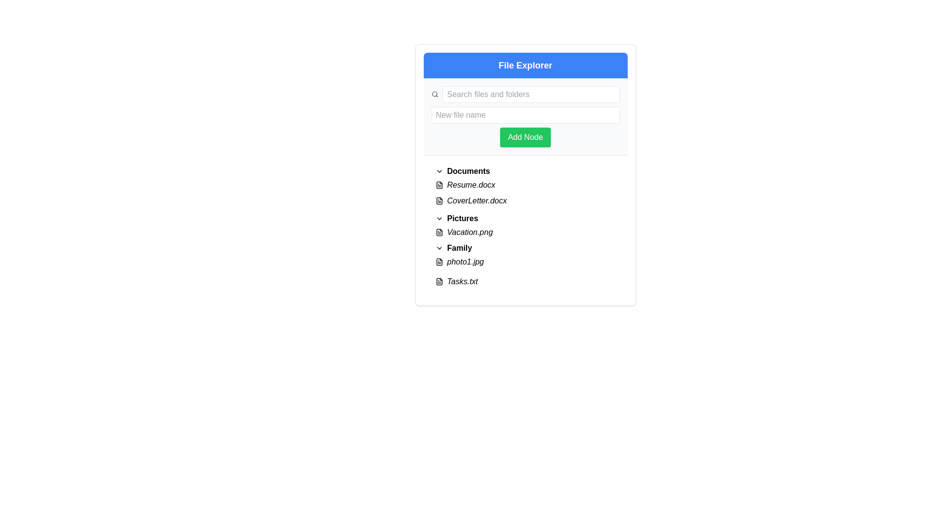 The height and width of the screenshot is (532, 946). Describe the element at coordinates (435, 95) in the screenshot. I see `the magnifying glass icon located left of the search input field in the File Explorer section` at that location.